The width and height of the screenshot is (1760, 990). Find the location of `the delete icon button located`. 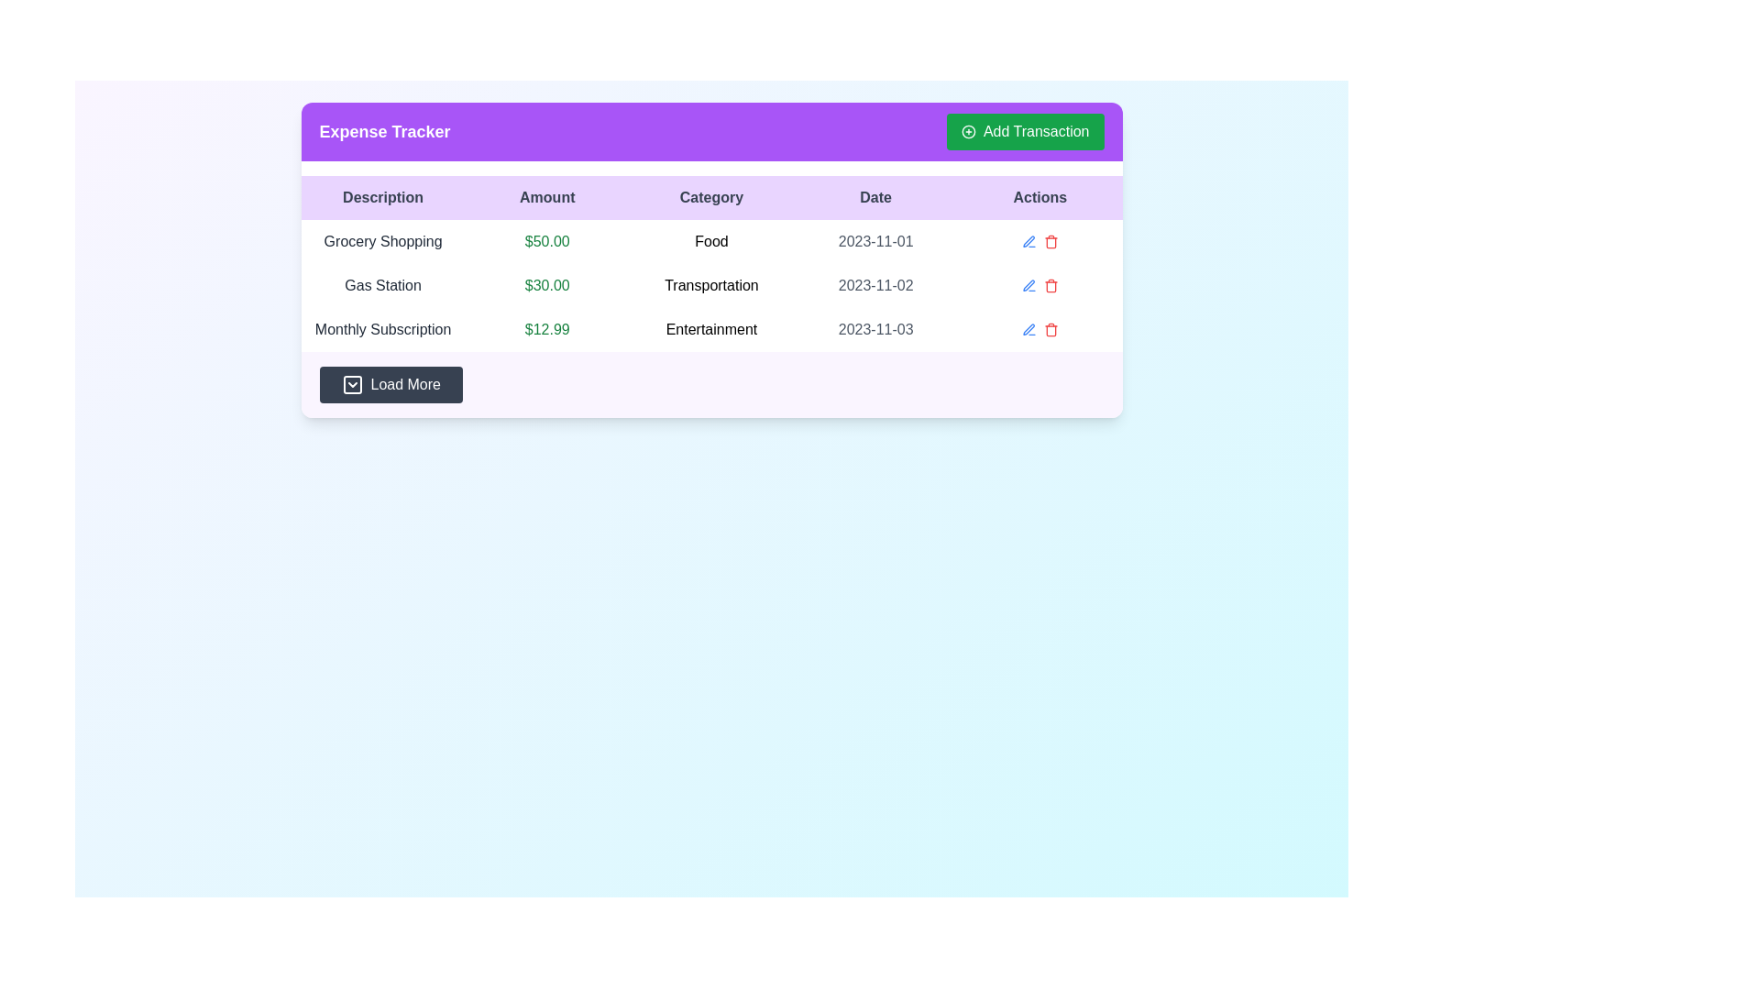

the delete icon button located is located at coordinates (1050, 287).